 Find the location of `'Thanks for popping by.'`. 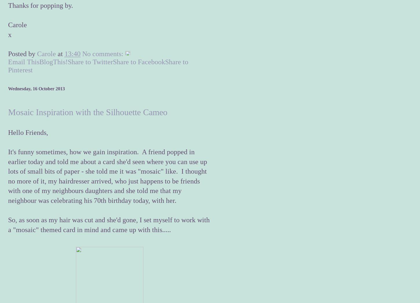

'Thanks for popping by.' is located at coordinates (40, 5).